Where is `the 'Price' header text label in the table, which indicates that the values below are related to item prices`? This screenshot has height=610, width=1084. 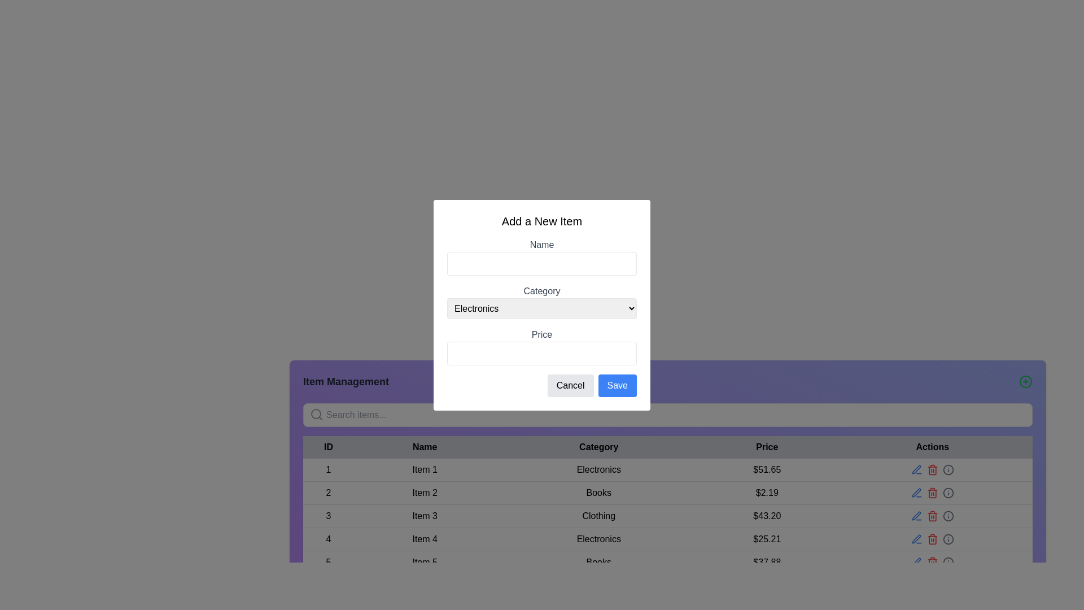
the 'Price' header text label in the table, which indicates that the values below are related to item prices is located at coordinates (767, 446).